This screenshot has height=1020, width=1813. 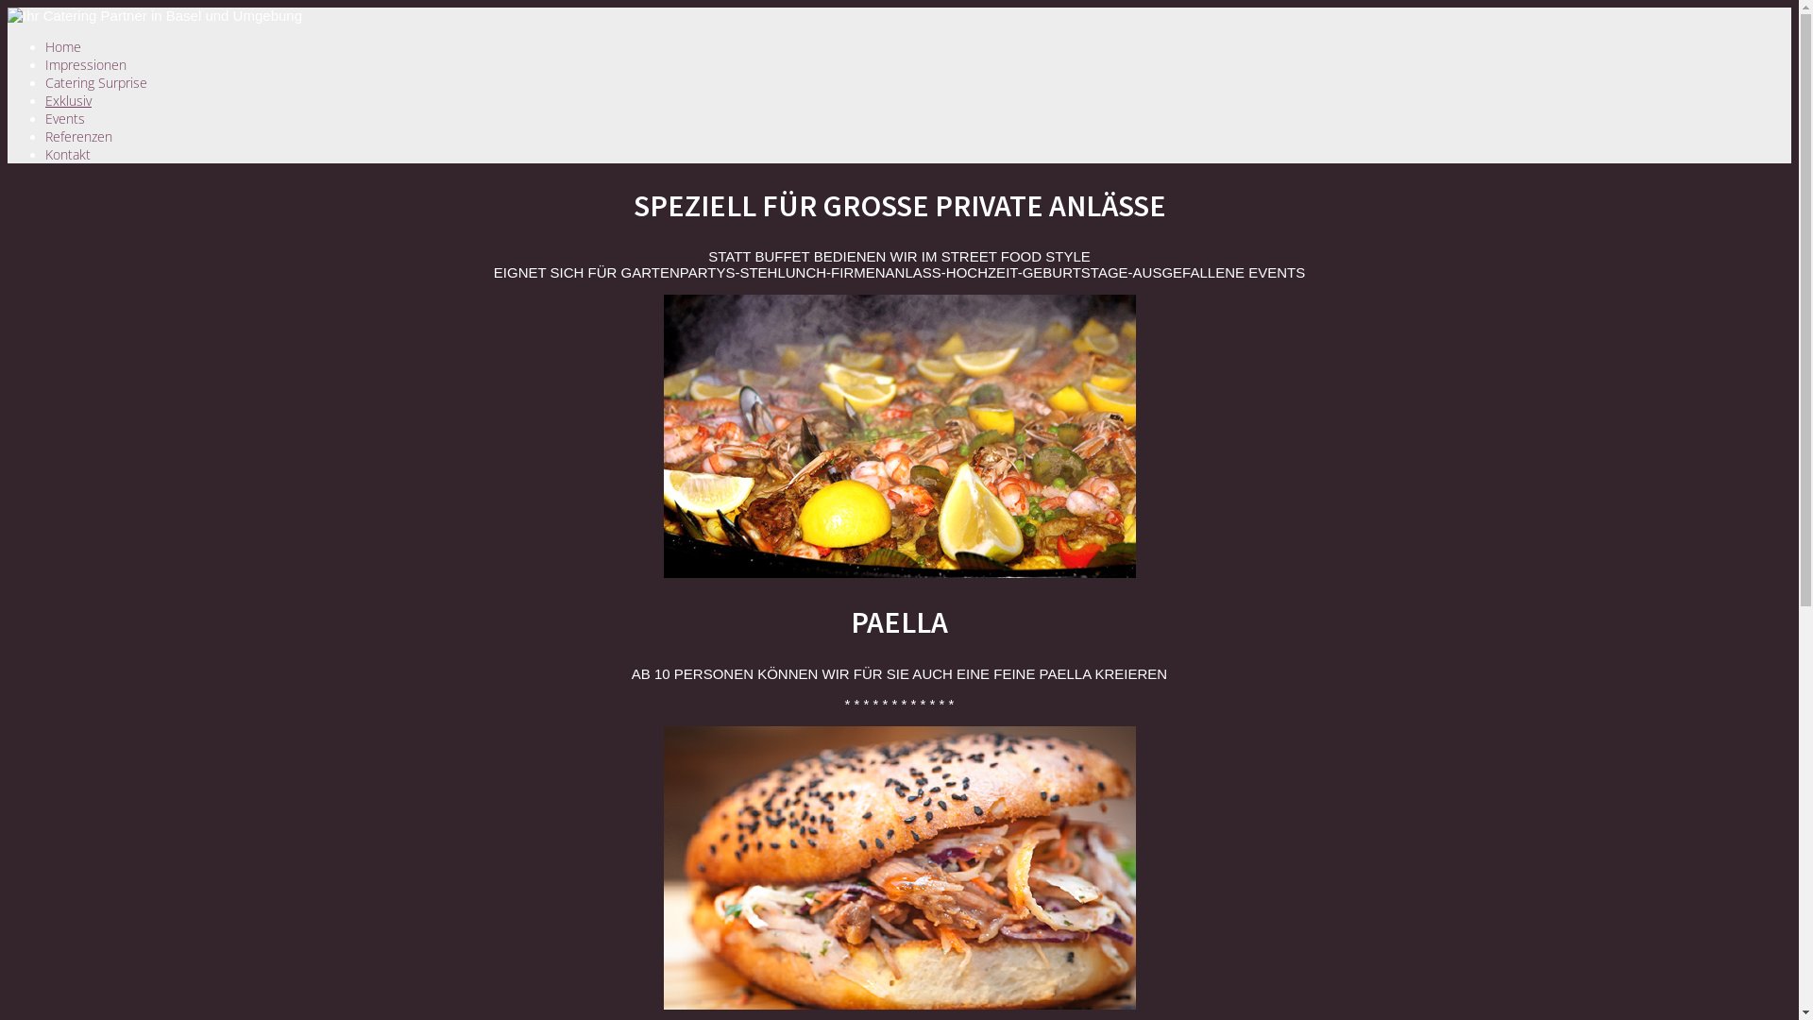 I want to click on 'Kontakt', so click(x=68, y=153).